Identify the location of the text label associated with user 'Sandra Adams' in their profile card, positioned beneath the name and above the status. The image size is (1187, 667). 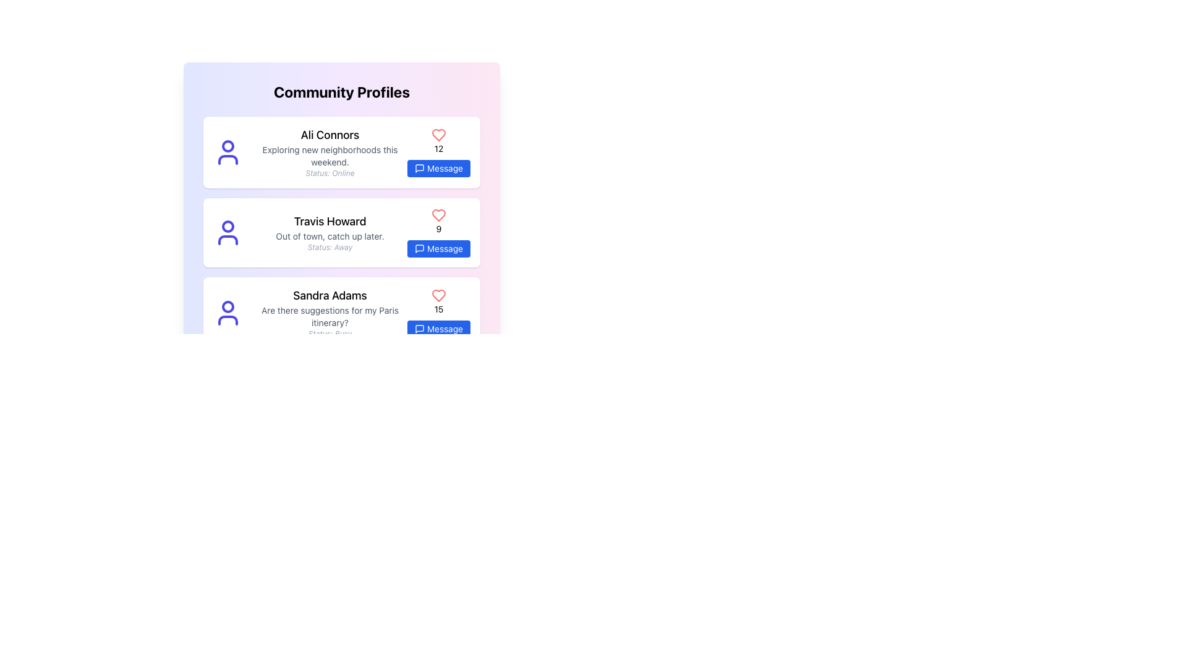
(330, 316).